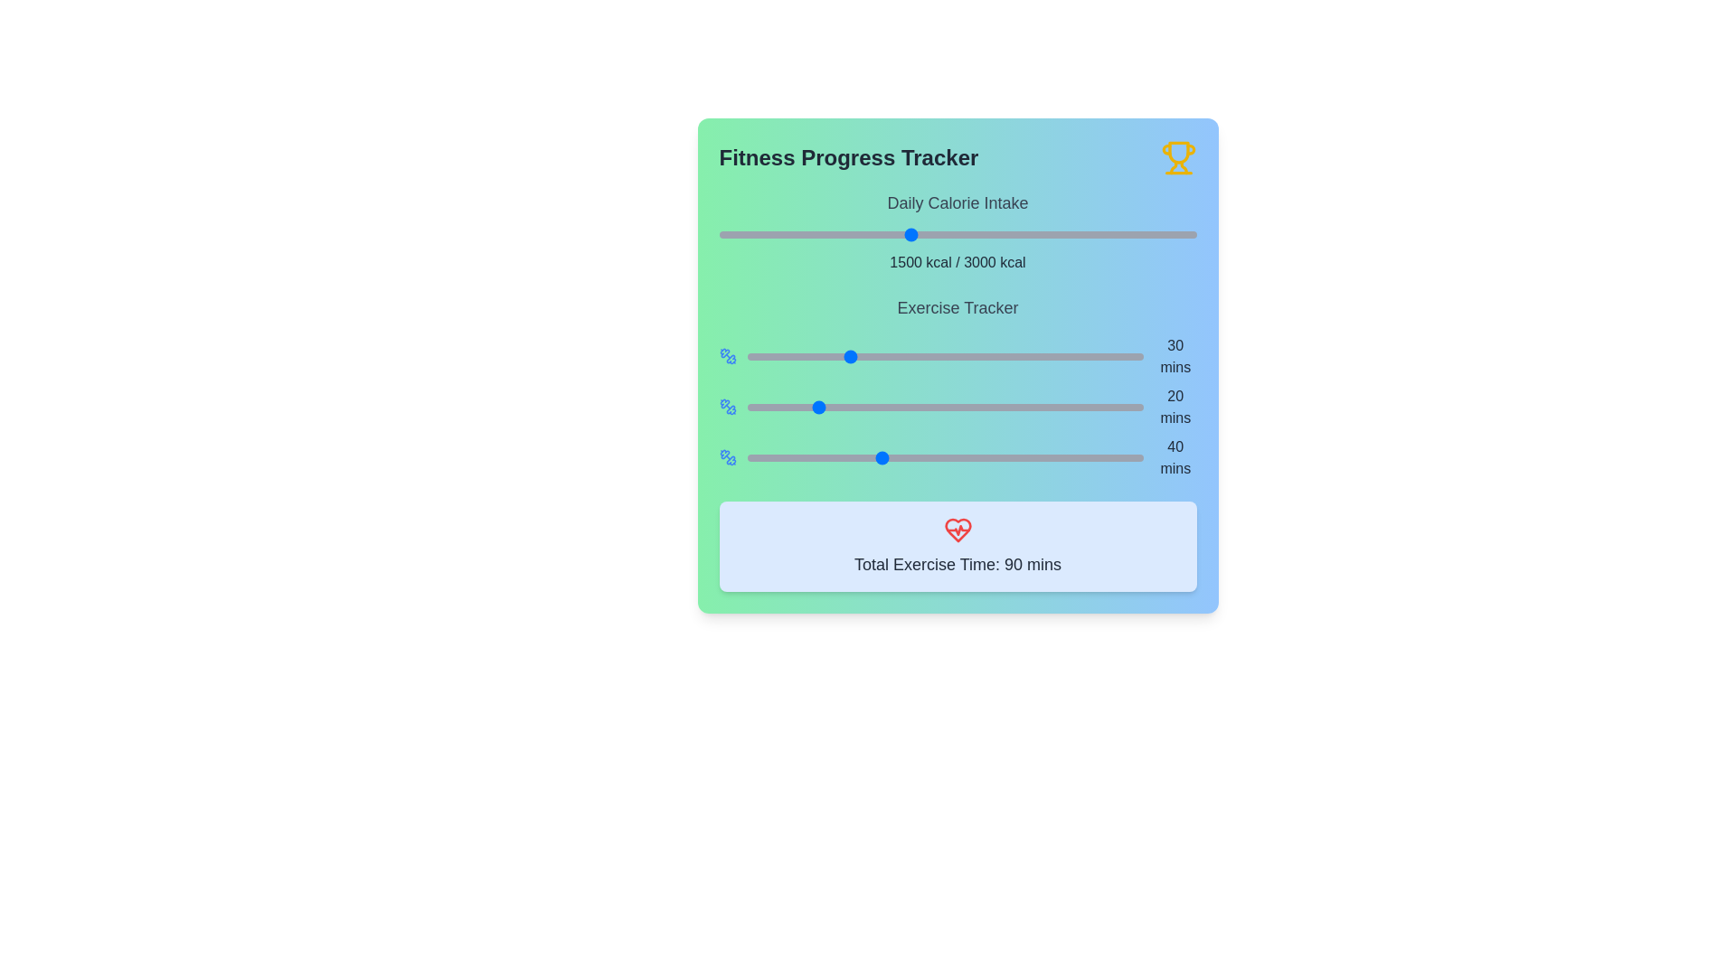  What do you see at coordinates (987, 356) in the screenshot?
I see `the slider value` at bounding box center [987, 356].